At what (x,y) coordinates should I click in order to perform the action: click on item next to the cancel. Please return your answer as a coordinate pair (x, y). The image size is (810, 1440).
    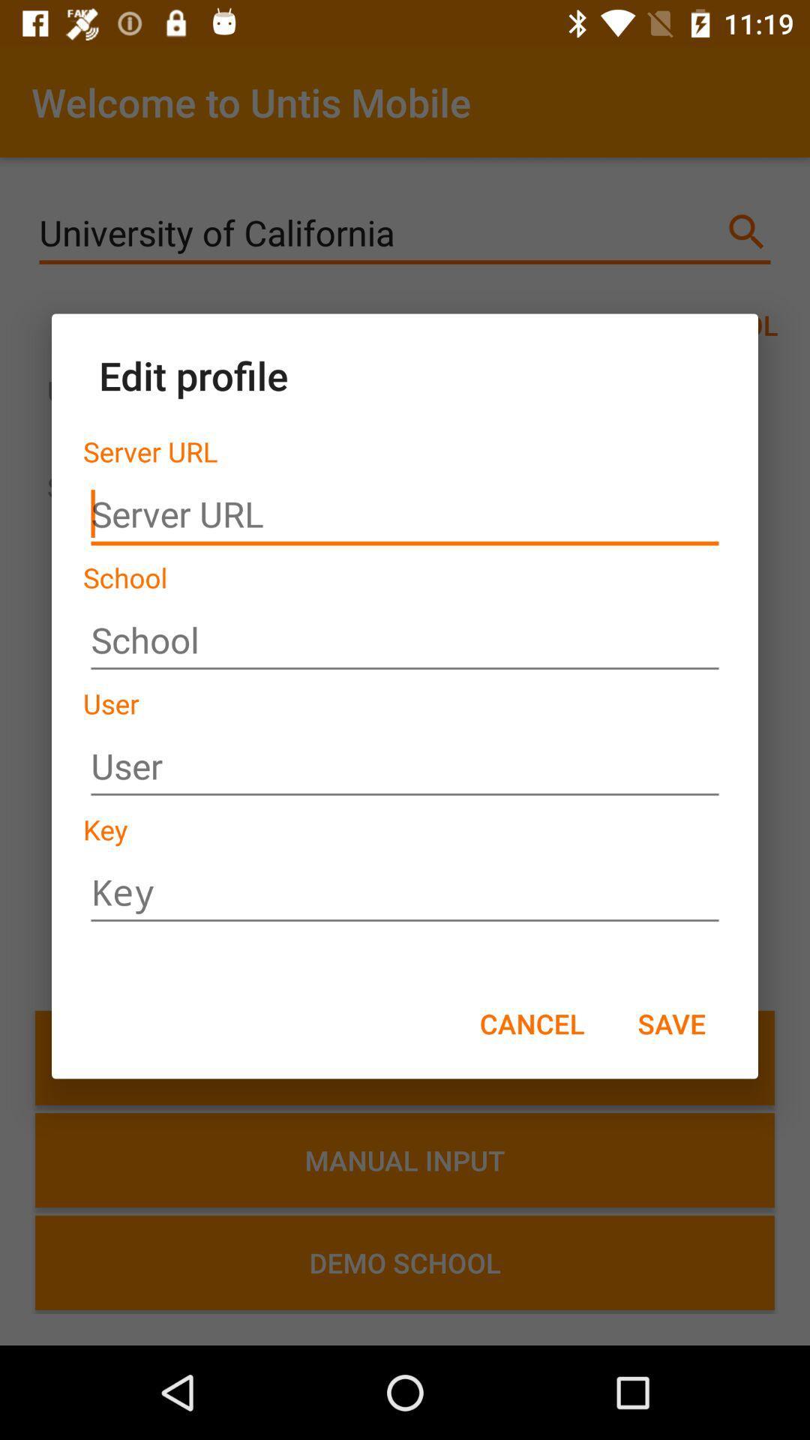
    Looking at the image, I should click on (670, 1022).